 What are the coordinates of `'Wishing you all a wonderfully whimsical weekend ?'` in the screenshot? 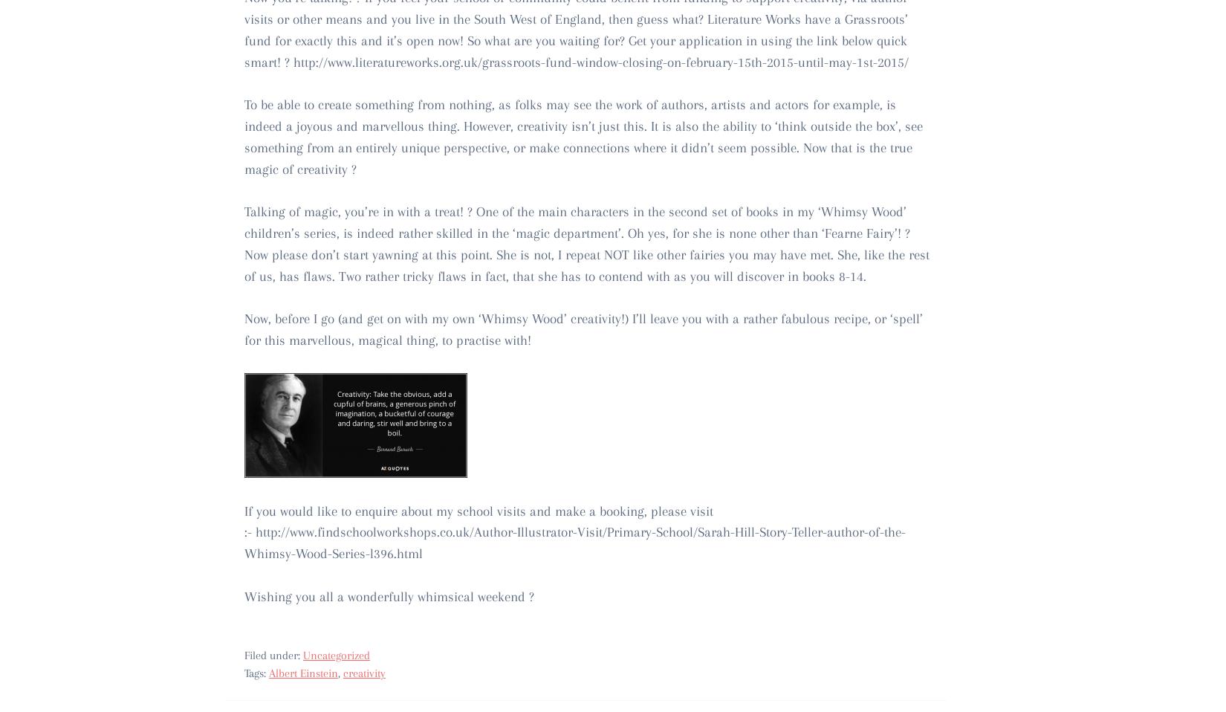 It's located at (244, 595).